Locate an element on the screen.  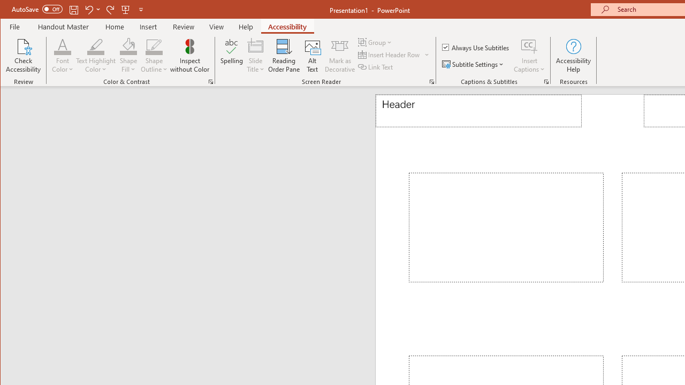
'Accessibility Help' is located at coordinates (573, 56).